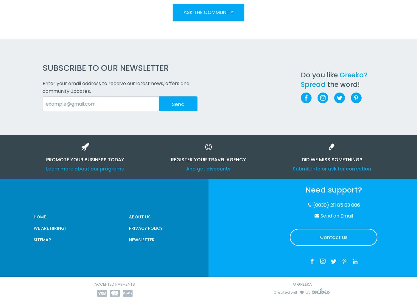 The height and width of the screenshot is (305, 417). Describe the element at coordinates (286, 292) in the screenshot. I see `'Created with'` at that location.